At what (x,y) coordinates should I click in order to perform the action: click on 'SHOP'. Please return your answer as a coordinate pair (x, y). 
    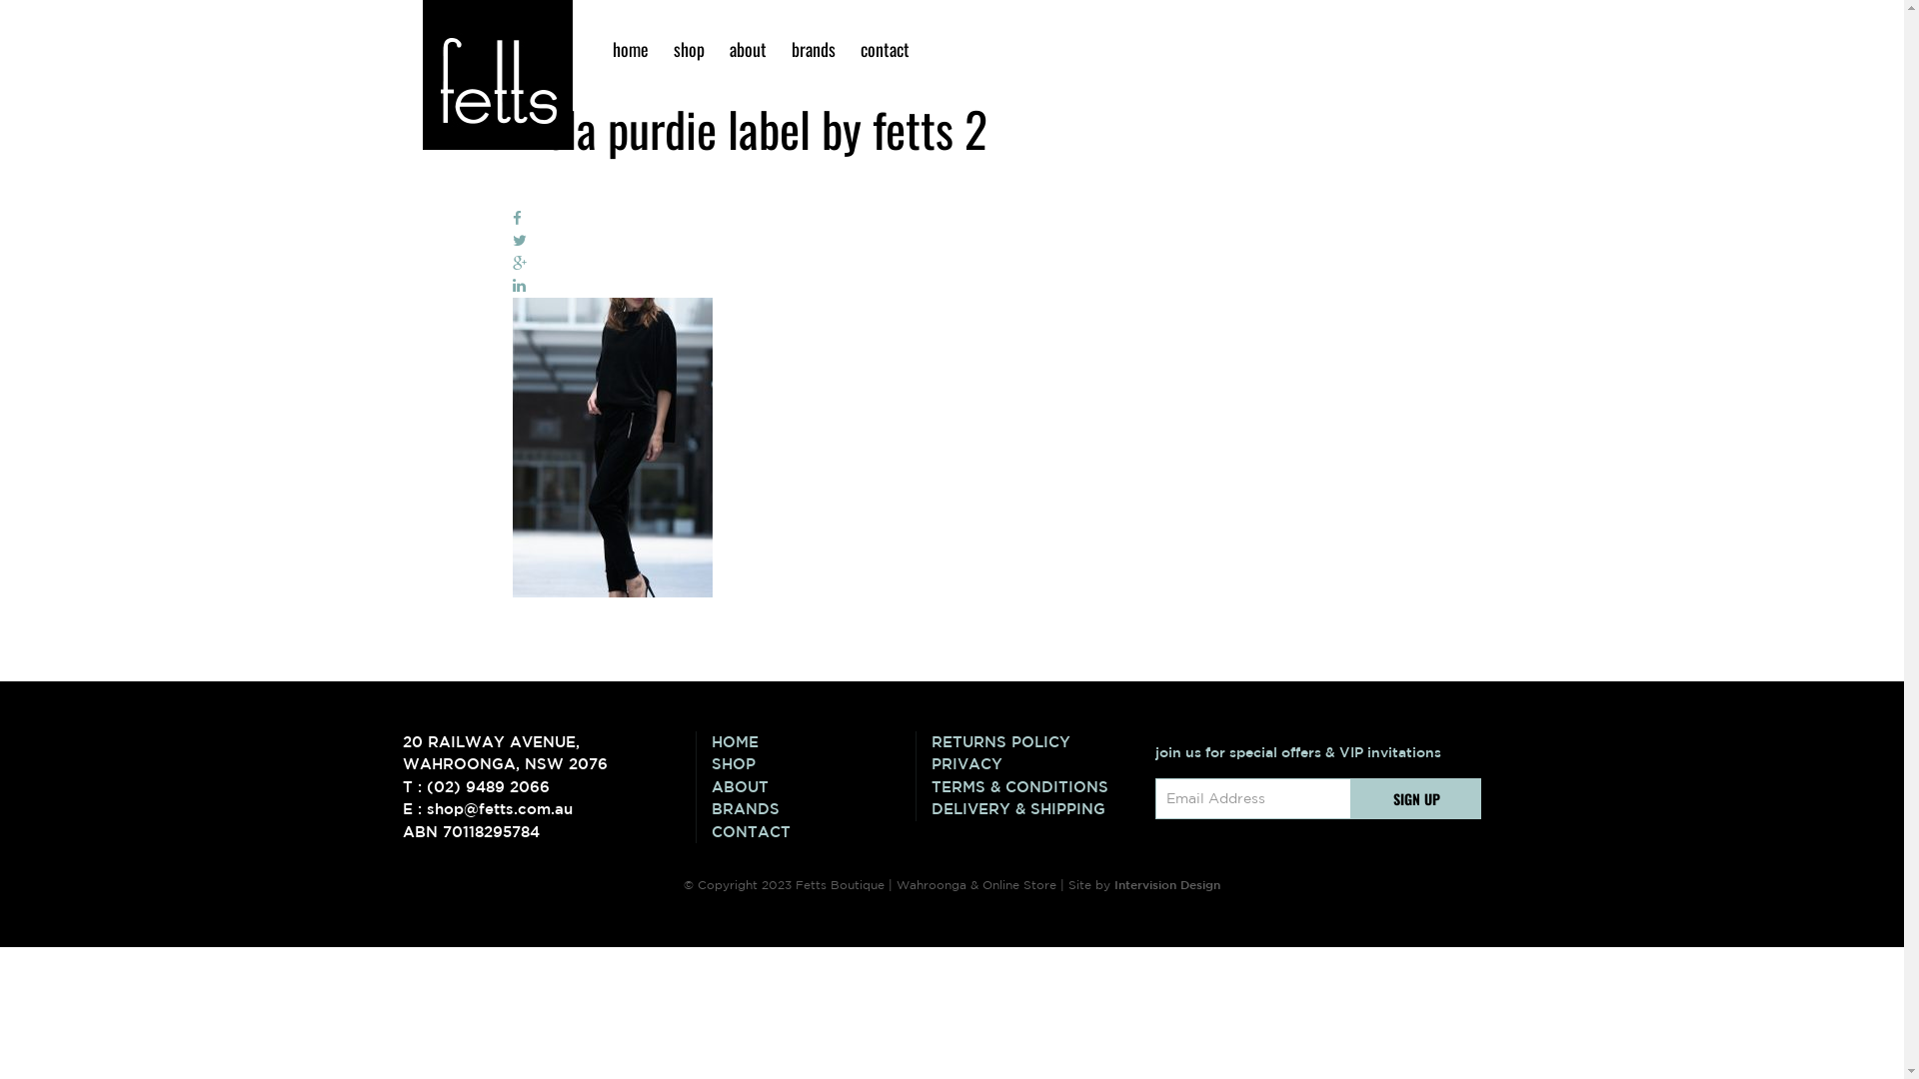
    Looking at the image, I should click on (814, 764).